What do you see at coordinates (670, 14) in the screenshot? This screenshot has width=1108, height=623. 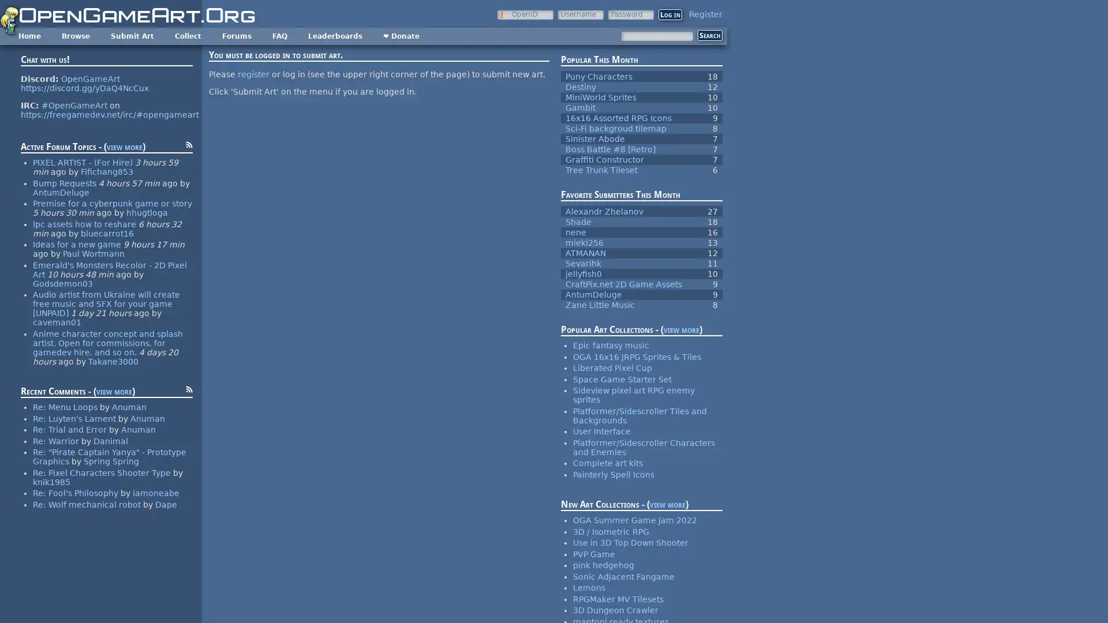 I see `Log in` at bounding box center [670, 14].